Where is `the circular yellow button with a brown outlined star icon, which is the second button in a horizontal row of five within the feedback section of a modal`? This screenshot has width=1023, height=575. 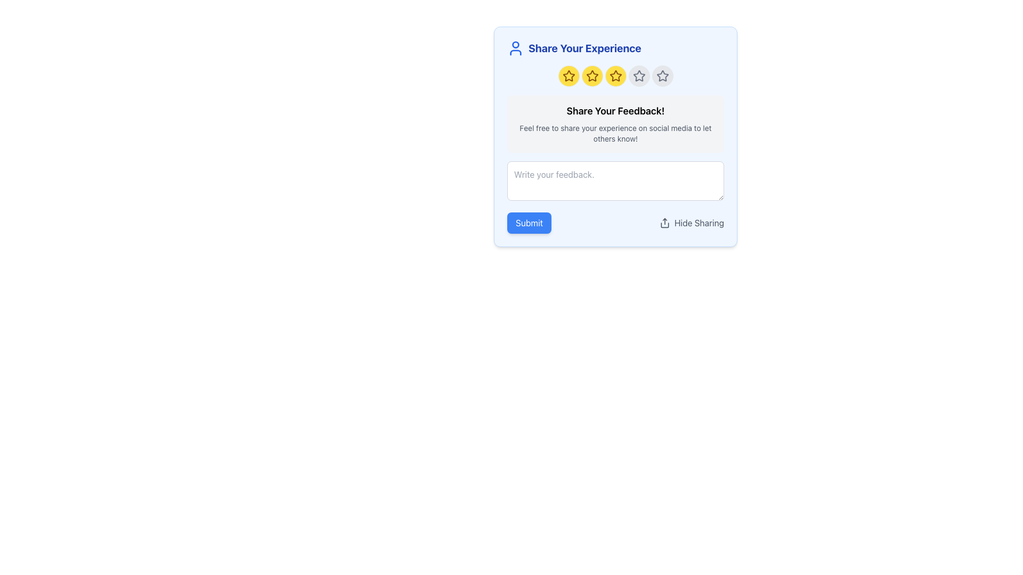
the circular yellow button with a brown outlined star icon, which is the second button in a horizontal row of five within the feedback section of a modal is located at coordinates (591, 75).